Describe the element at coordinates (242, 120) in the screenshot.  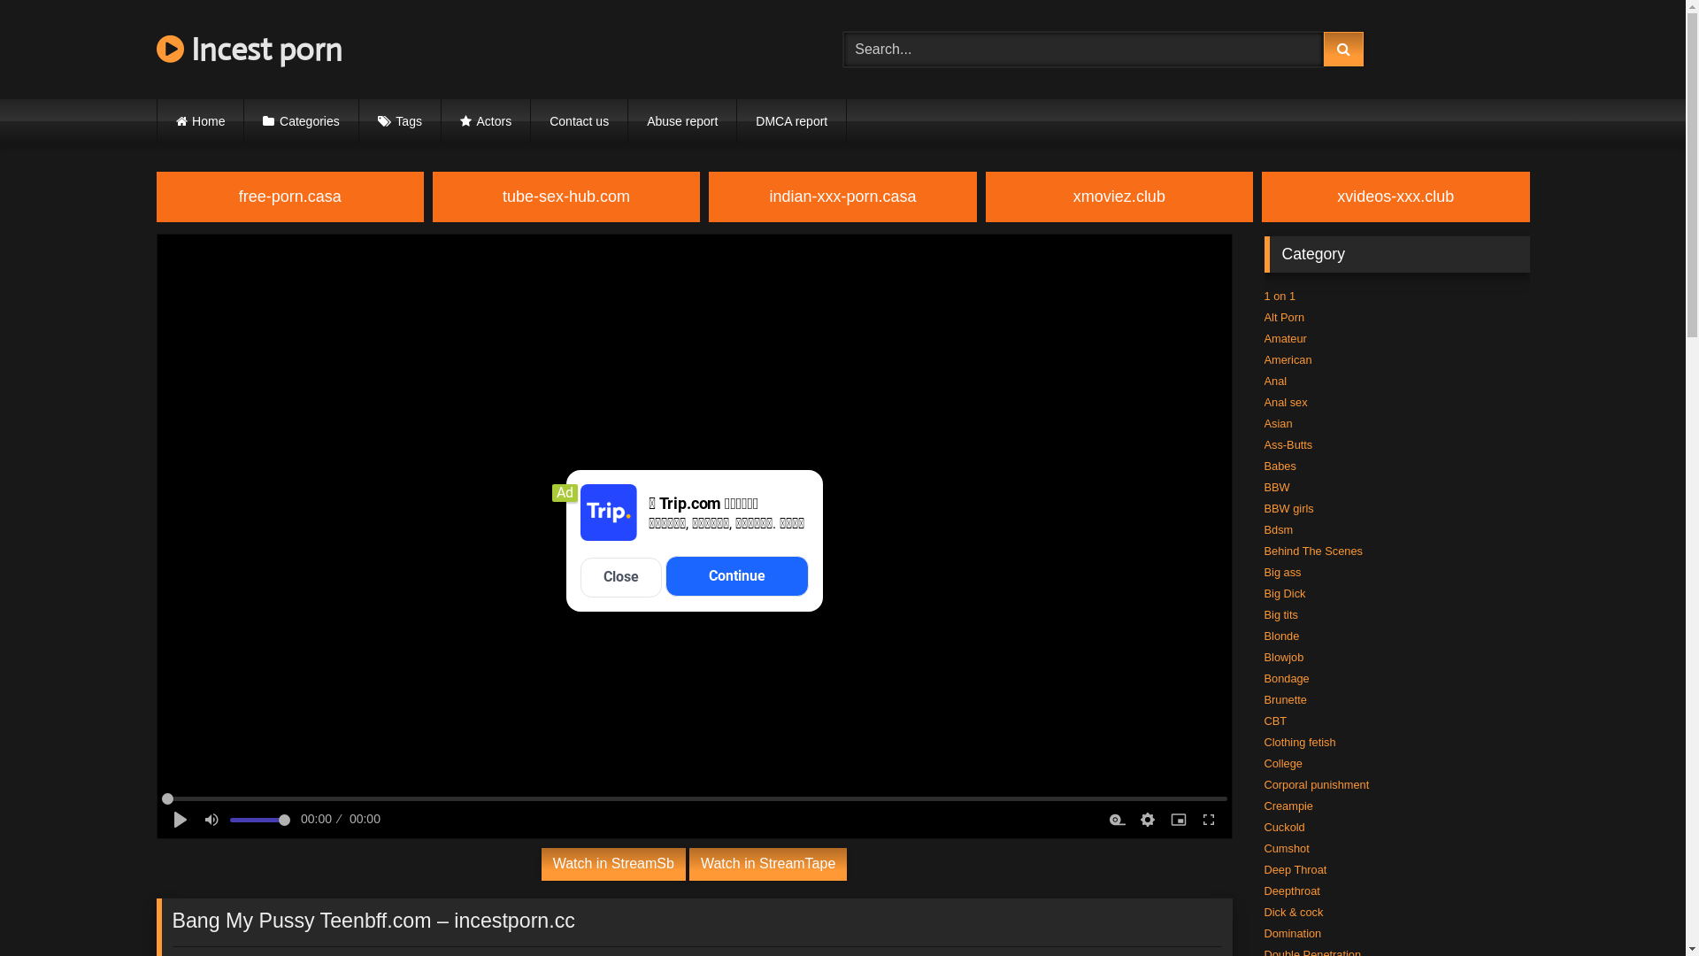
I see `'Categories'` at that location.